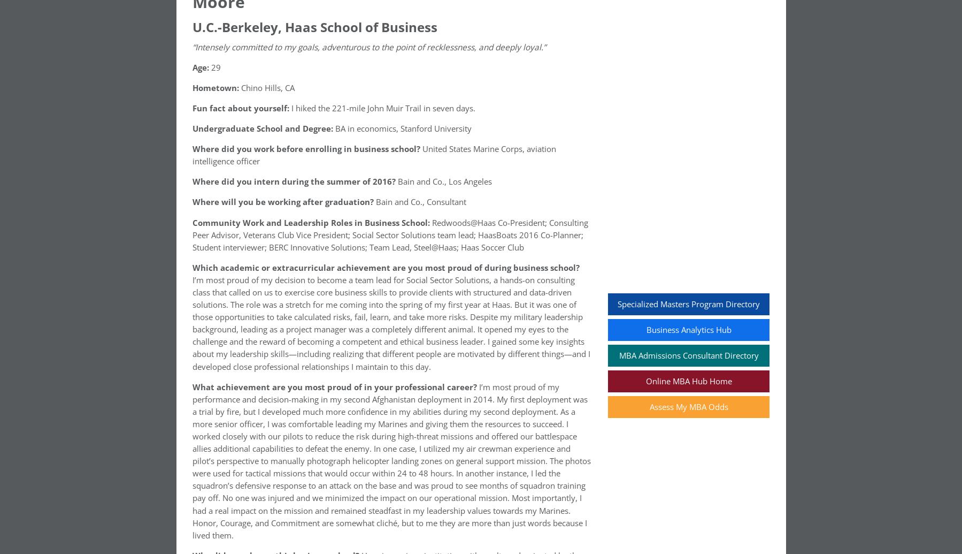  What do you see at coordinates (214, 109) in the screenshot?
I see `'Nora Silver'` at bounding box center [214, 109].